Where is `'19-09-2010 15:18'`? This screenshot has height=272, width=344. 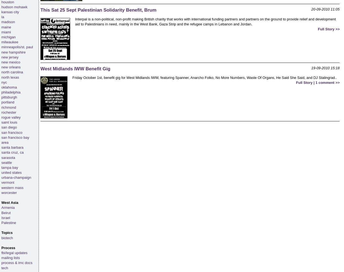 '19-09-2010 15:18' is located at coordinates (325, 67).